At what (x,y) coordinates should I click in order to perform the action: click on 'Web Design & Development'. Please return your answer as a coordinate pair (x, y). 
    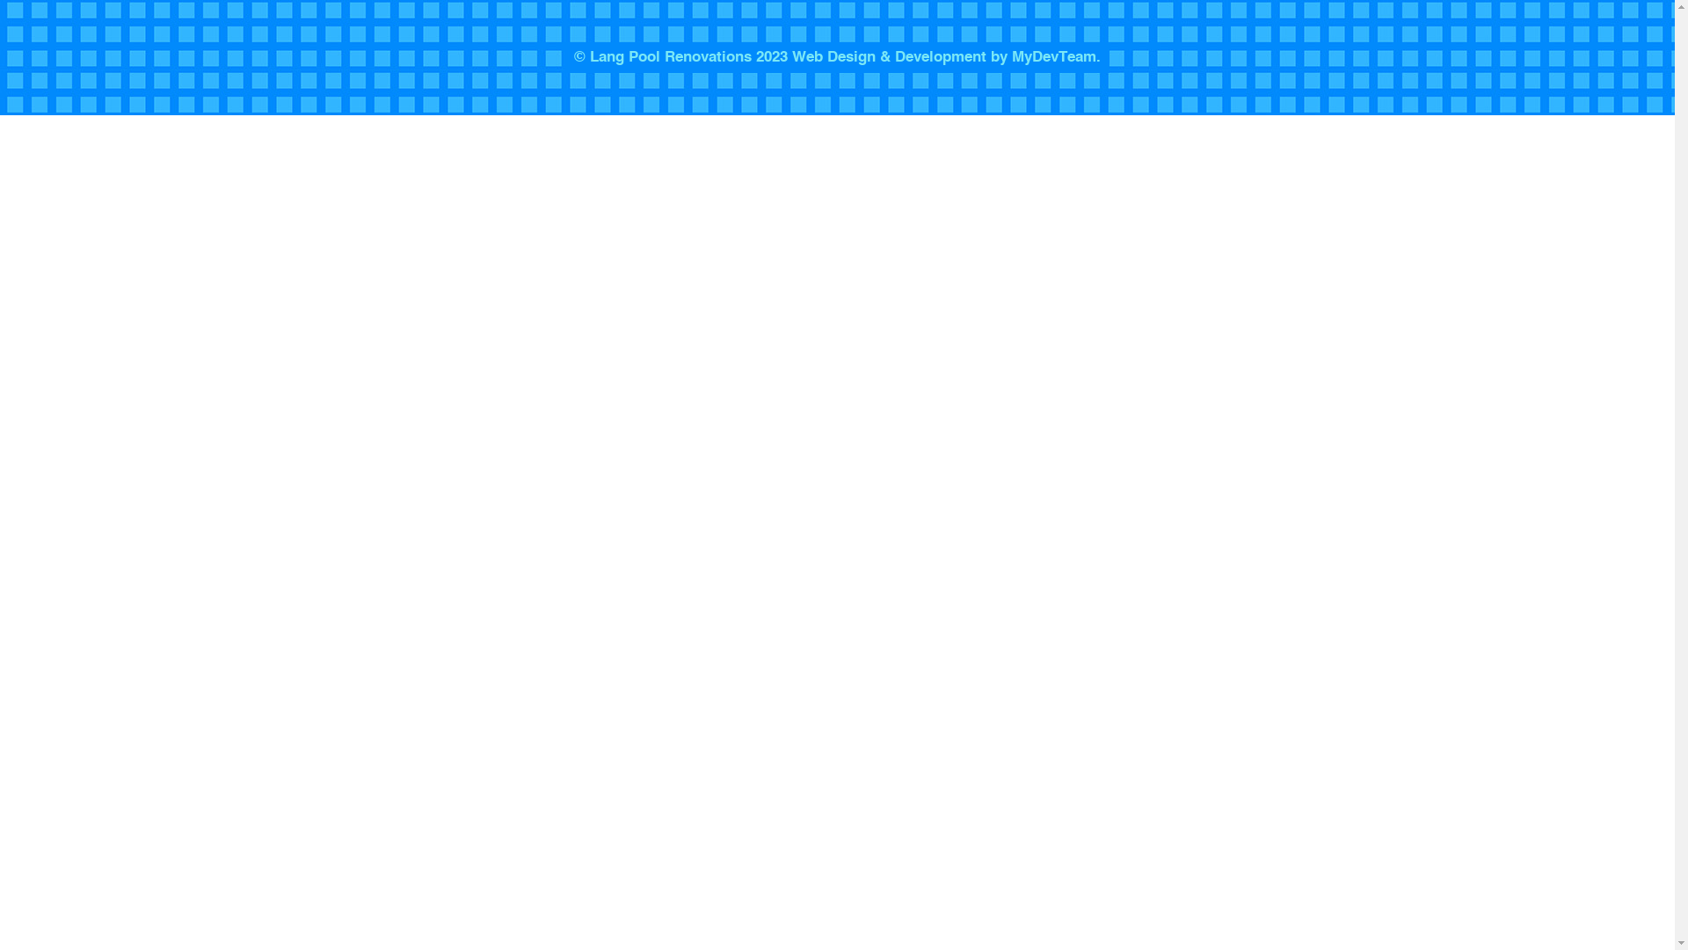
    Looking at the image, I should click on (889, 56).